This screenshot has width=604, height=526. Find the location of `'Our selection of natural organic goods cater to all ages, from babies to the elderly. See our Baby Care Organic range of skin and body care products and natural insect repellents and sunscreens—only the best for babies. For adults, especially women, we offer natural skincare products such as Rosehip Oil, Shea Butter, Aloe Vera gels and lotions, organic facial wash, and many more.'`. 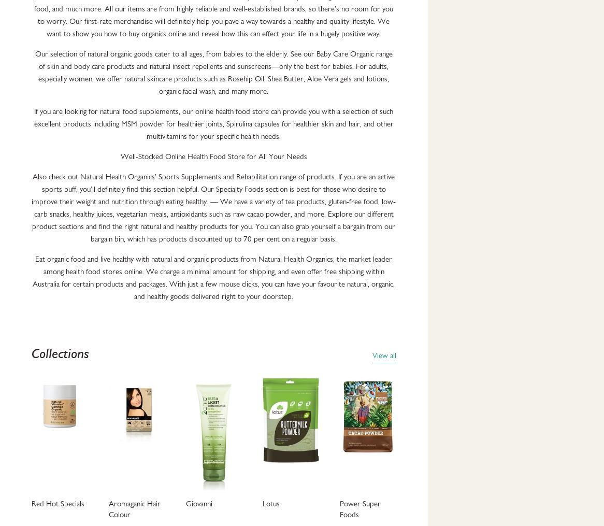

'Our selection of natural organic goods cater to all ages, from babies to the elderly. See our Baby Care Organic range of skin and body care products and natural insect repellents and sunscreens—only the best for babies. For adults, especially women, we offer natural skincare products such as Rosehip Oil, Shea Butter, Aloe Vera gels and lotions, organic facial wash, and many more.' is located at coordinates (34, 72).